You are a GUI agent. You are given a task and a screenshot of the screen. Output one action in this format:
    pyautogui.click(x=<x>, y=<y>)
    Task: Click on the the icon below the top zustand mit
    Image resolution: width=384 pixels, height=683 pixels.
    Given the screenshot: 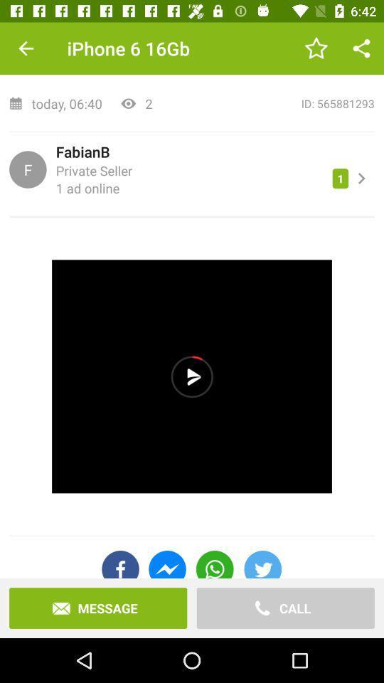 What is the action you would take?
    pyautogui.click(x=268, y=102)
    